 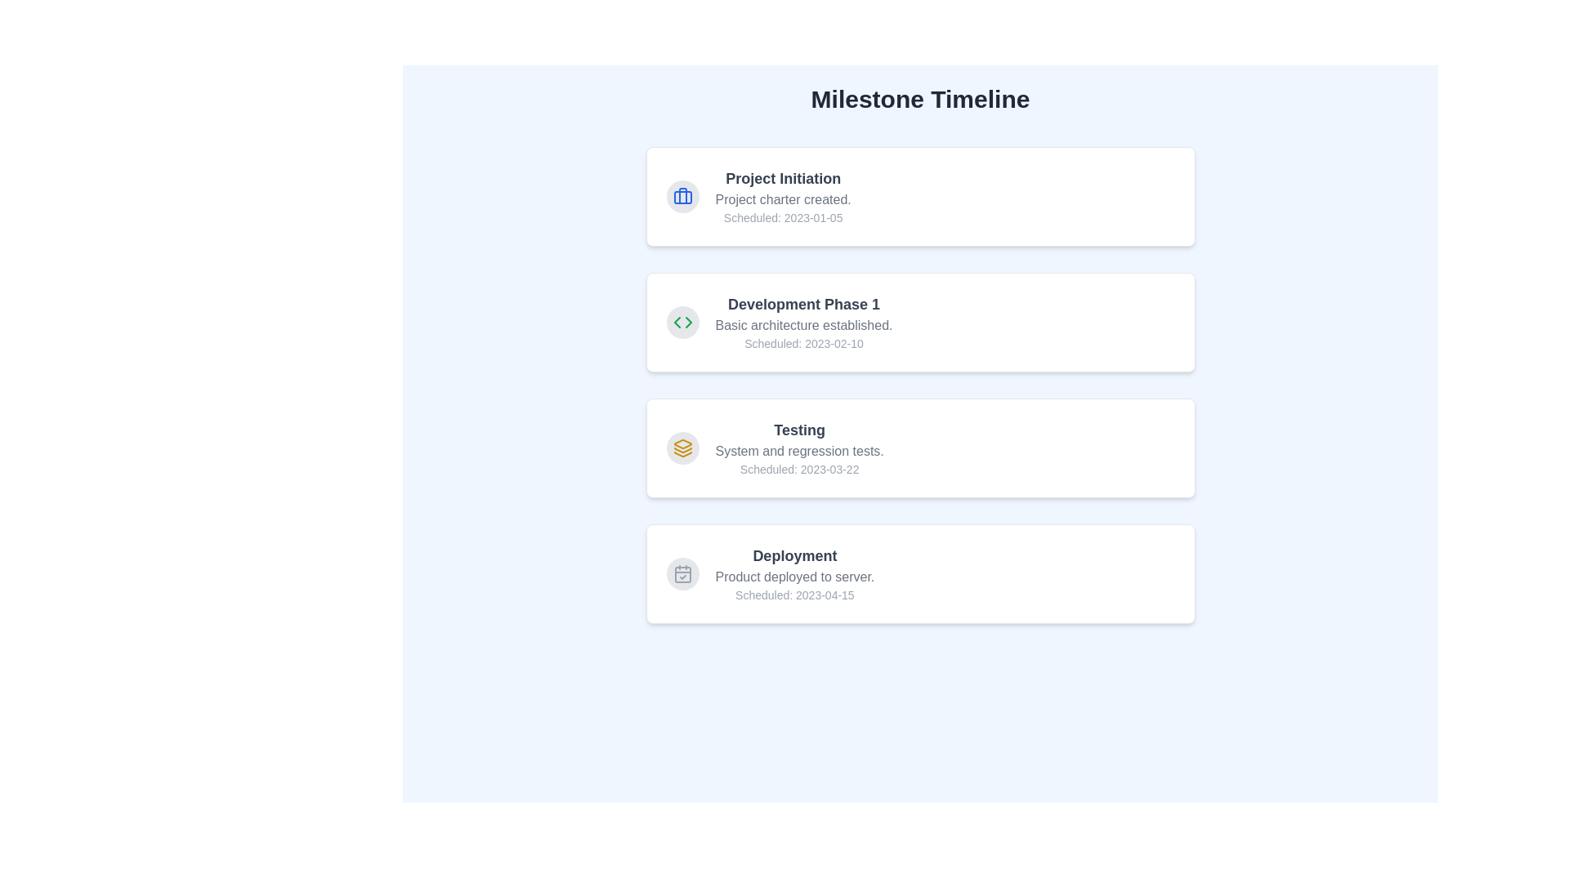 I want to click on the text label that reads 'Product deployed to server.' in the fourth milestone card, which is styled in gray color and appears below the heading 'Deployment', so click(x=794, y=576).